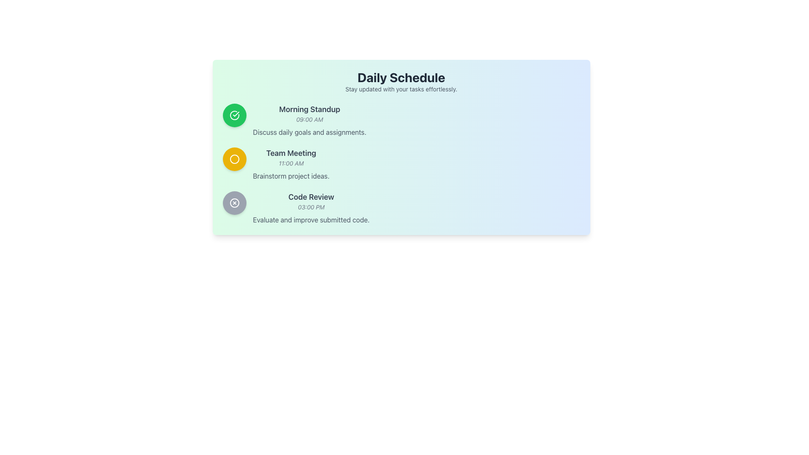 Image resolution: width=809 pixels, height=455 pixels. I want to click on the second list item in the schedule display that provides information about a scheduled event, located between 'Morning Standup' and 'Code Review', so click(401, 164).